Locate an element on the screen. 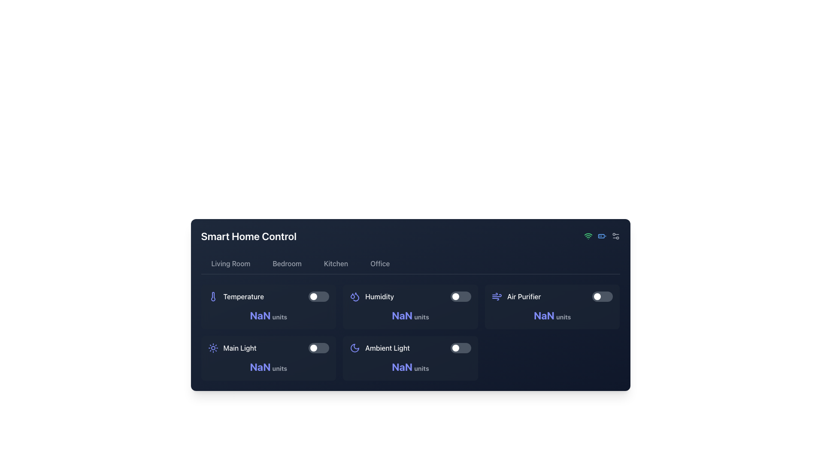  'Ambient Light' icon located in the Smart Home Control interface, positioned to the left of its text label is located at coordinates (355, 348).